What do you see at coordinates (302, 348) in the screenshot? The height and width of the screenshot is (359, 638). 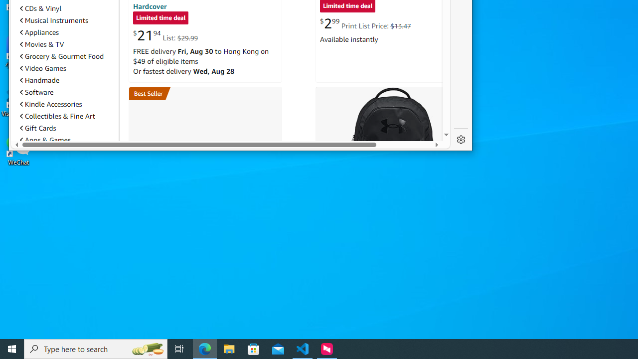 I see `'Visual Studio Code - 1 running window'` at bounding box center [302, 348].